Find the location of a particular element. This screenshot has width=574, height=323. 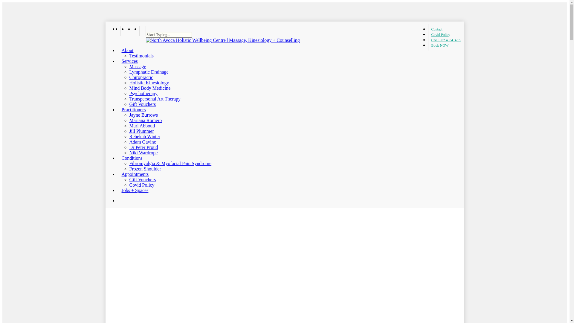

'phone' is located at coordinates (135, 31).